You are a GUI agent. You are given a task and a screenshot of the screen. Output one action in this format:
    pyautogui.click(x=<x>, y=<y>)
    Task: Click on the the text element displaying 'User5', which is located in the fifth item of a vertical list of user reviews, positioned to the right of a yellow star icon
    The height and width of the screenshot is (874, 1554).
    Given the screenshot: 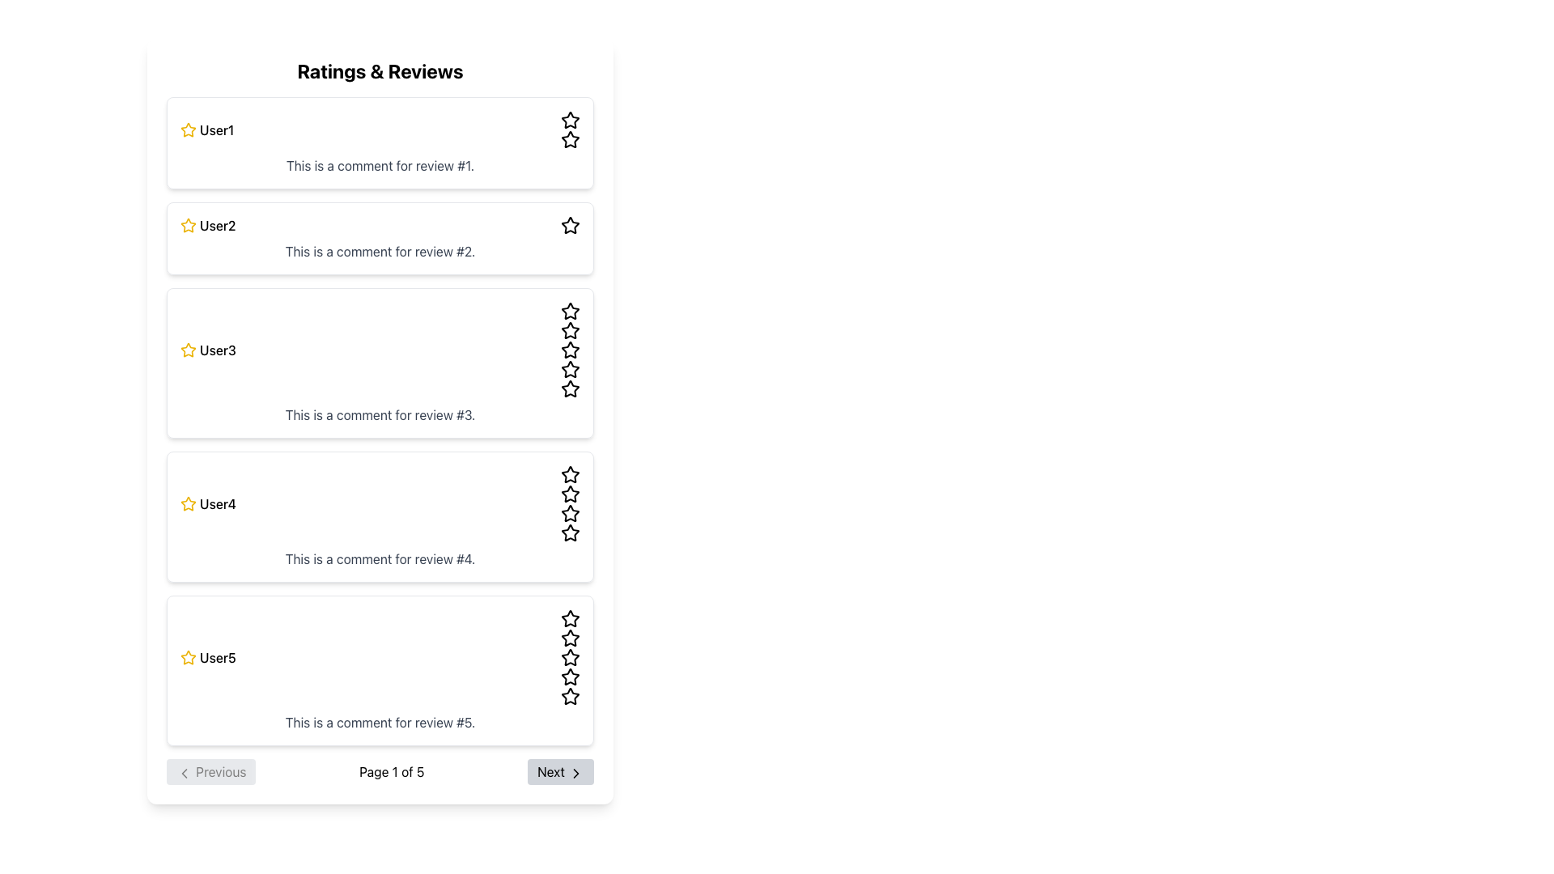 What is the action you would take?
    pyautogui.click(x=217, y=658)
    